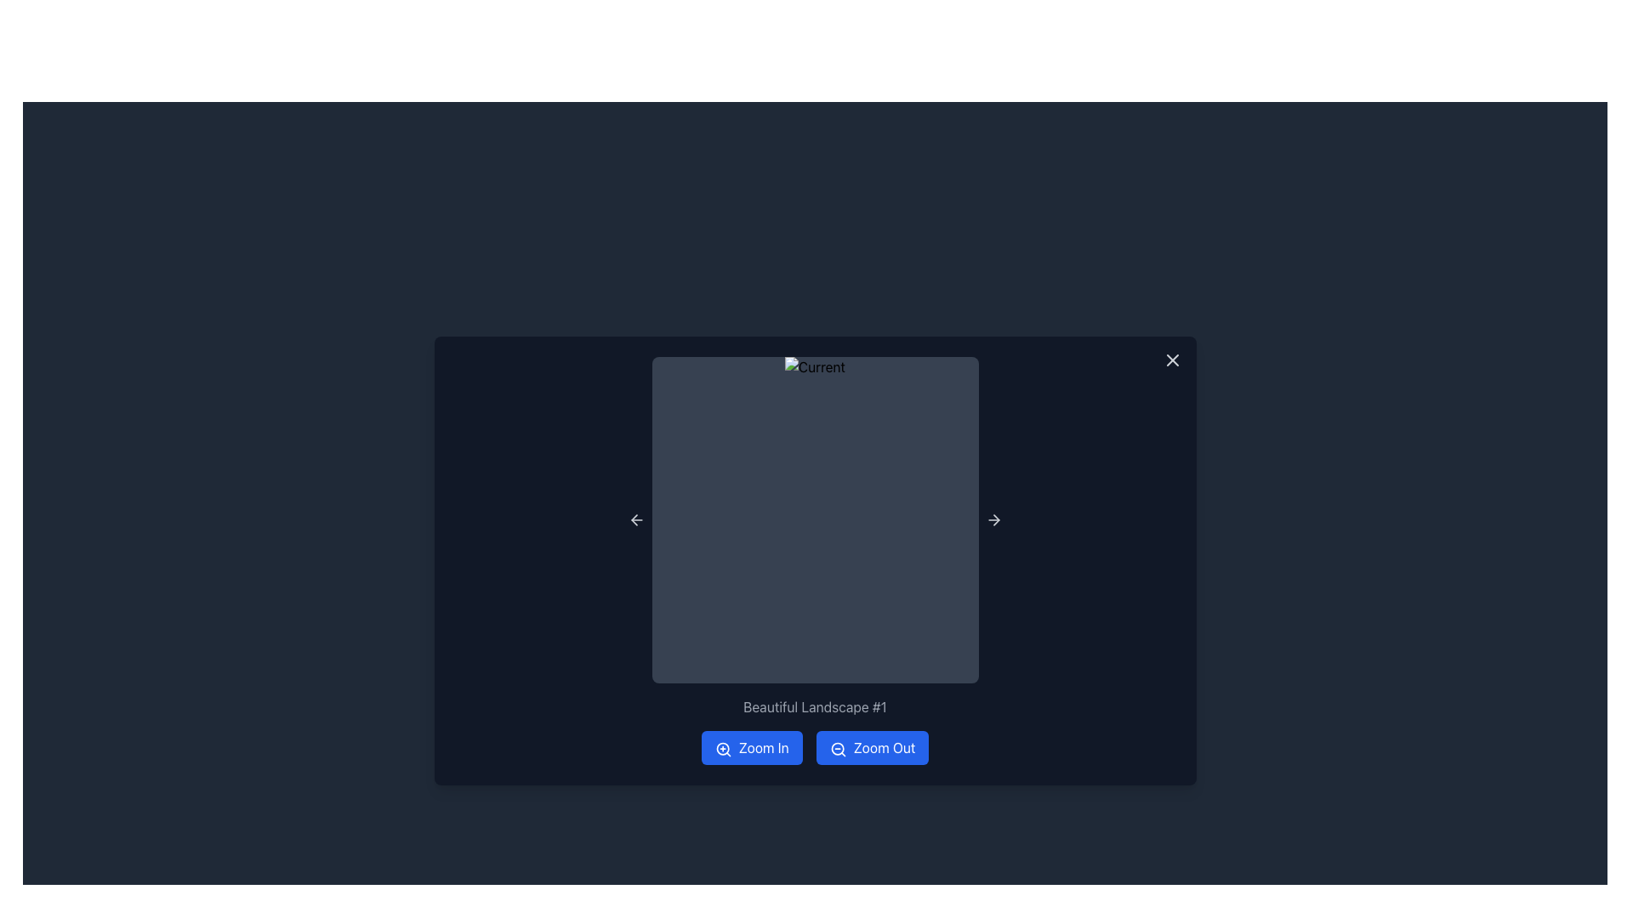 This screenshot has width=1633, height=918. What do you see at coordinates (873, 746) in the screenshot?
I see `the 'Zoom Out' button located to the right of the 'Zoom In' button at the bottom of the interface` at bounding box center [873, 746].